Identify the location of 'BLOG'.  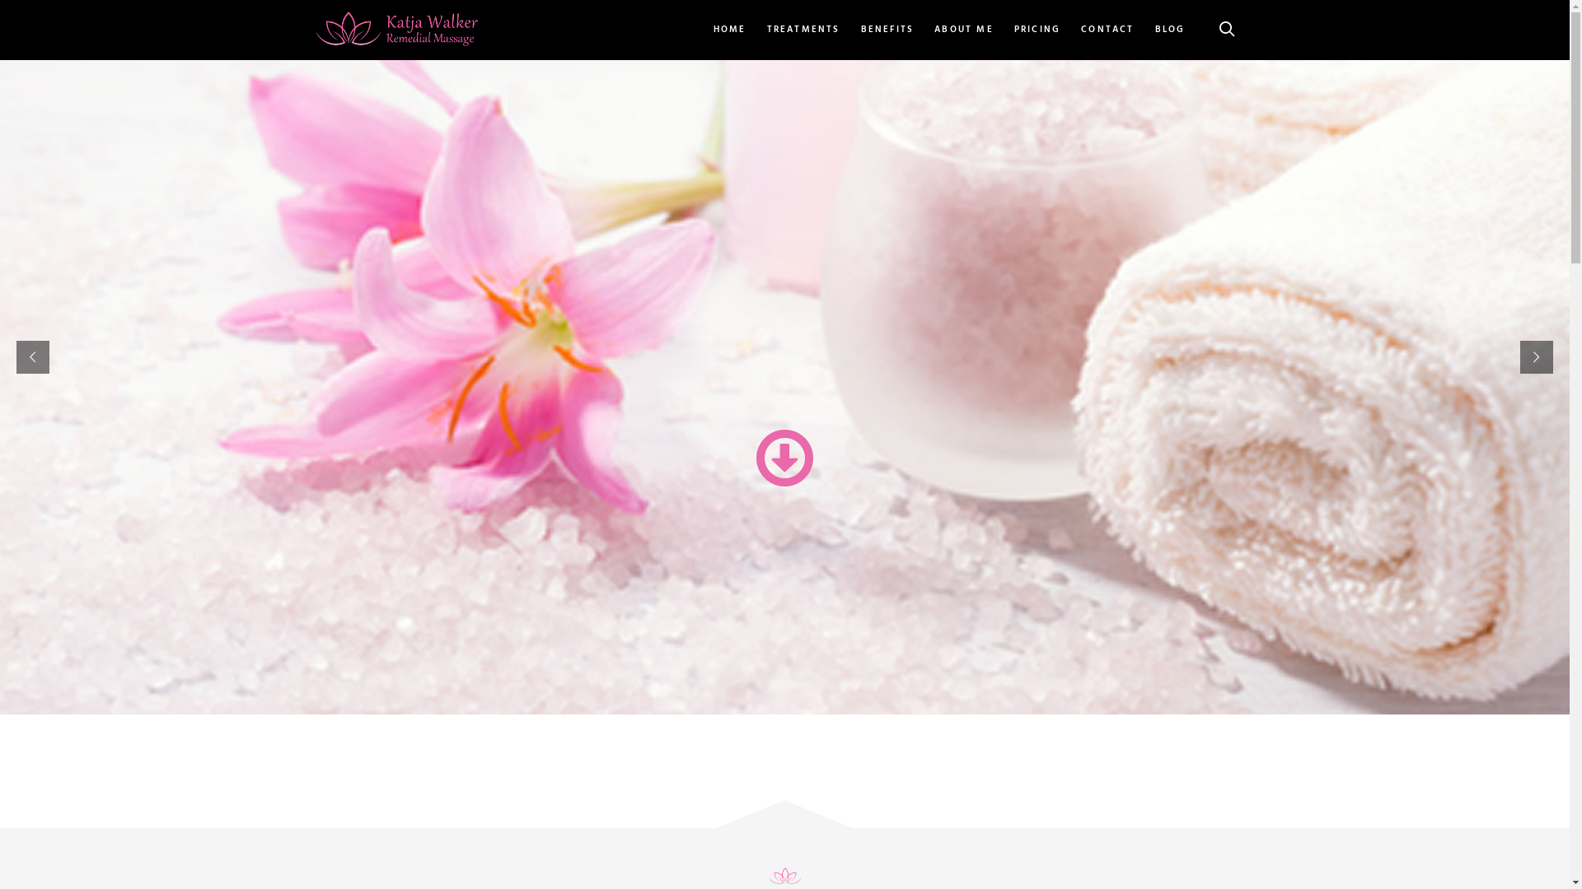
(1145, 30).